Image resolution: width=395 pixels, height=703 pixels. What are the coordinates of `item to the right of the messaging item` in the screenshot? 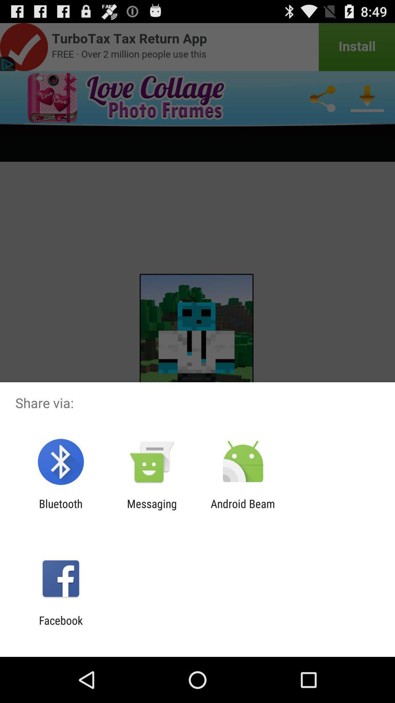 It's located at (243, 510).